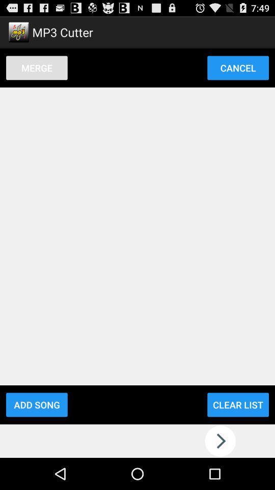 Image resolution: width=275 pixels, height=490 pixels. I want to click on the clear list icon, so click(238, 405).